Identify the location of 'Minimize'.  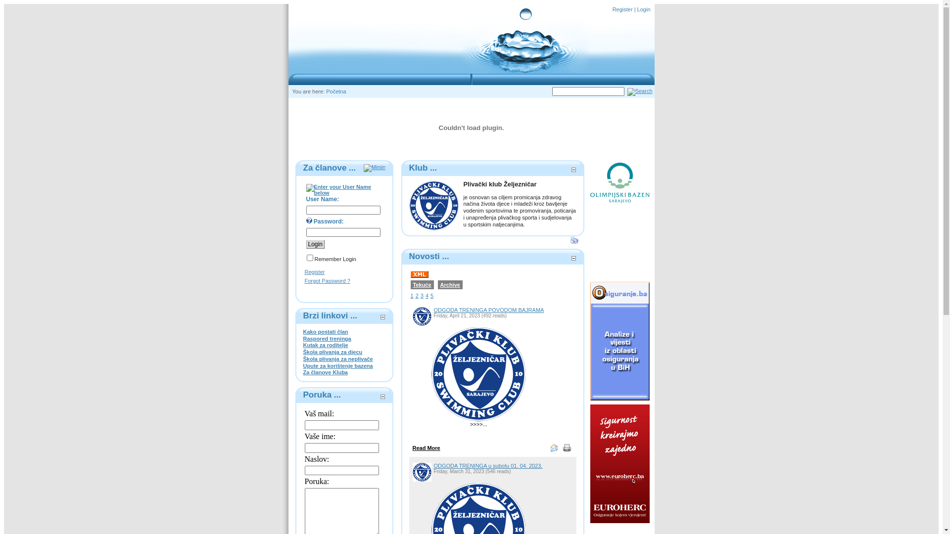
(570, 168).